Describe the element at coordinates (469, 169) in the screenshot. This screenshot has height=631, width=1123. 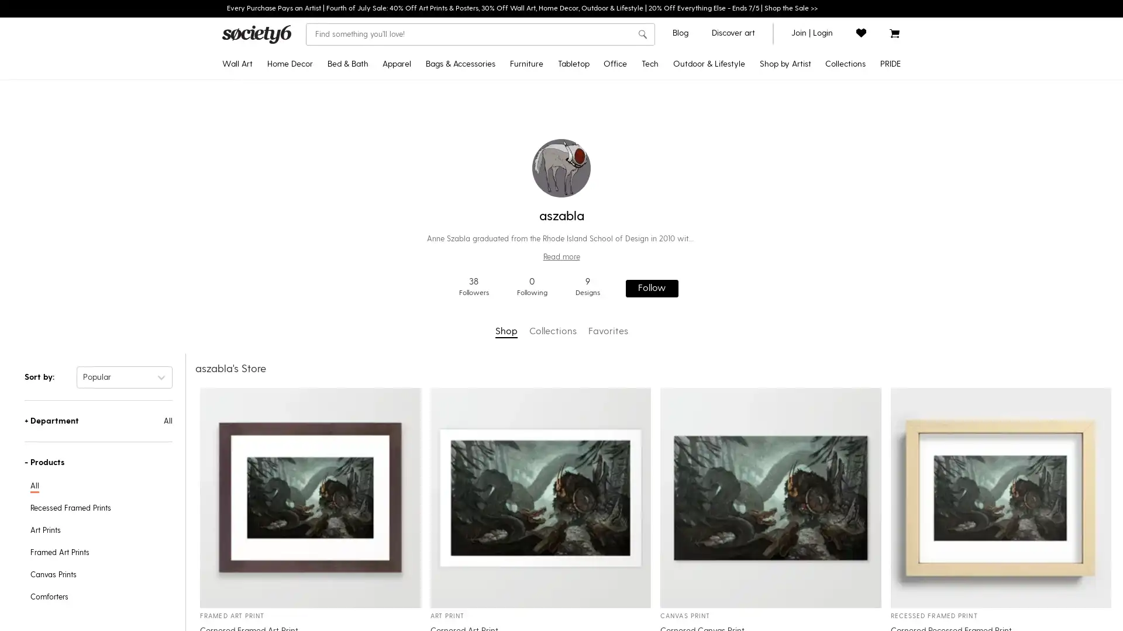
I see `Socks` at that location.